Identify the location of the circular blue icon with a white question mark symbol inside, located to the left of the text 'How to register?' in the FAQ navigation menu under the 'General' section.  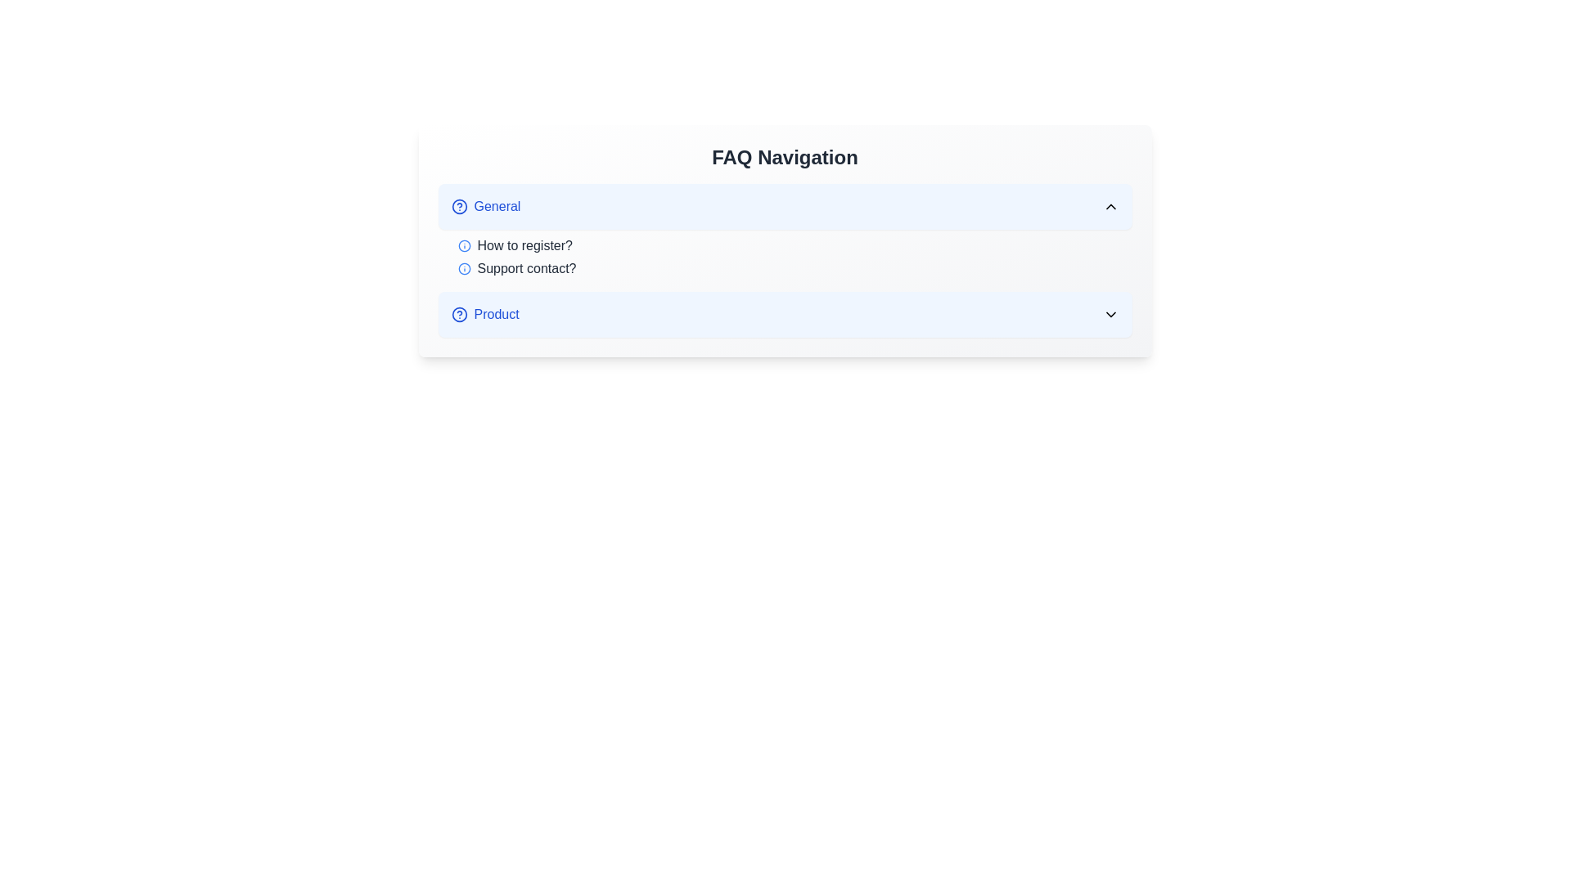
(463, 245).